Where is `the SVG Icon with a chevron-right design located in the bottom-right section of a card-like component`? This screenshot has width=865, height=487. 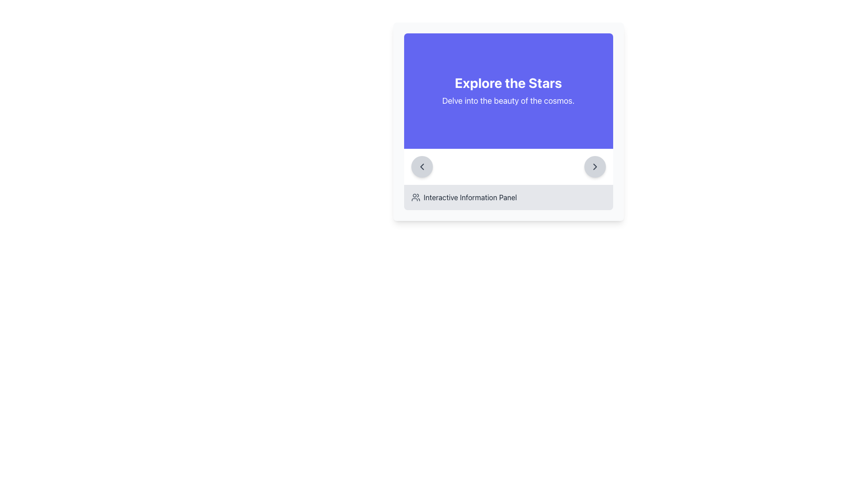
the SVG Icon with a chevron-right design located in the bottom-right section of a card-like component is located at coordinates (595, 167).